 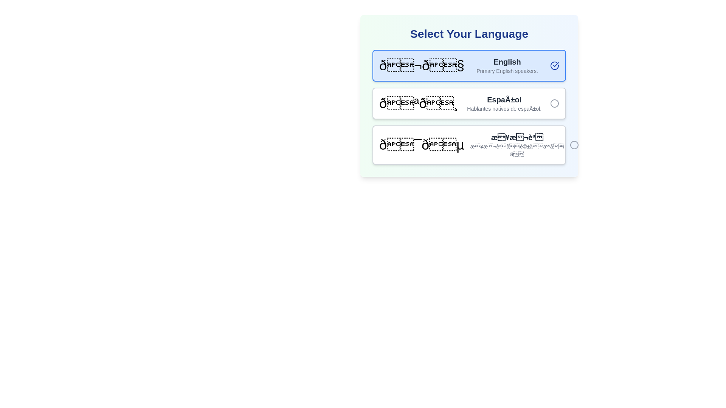 What do you see at coordinates (469, 96) in the screenshot?
I see `the 'Español' selection option button` at bounding box center [469, 96].